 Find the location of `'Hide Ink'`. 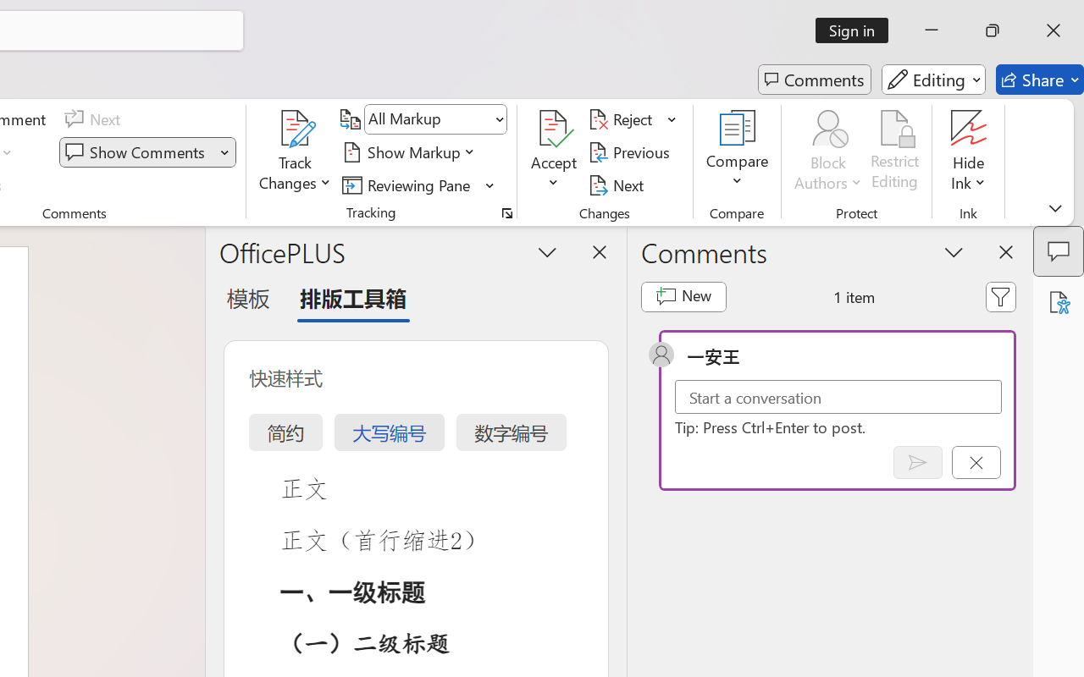

'Hide Ink' is located at coordinates (969, 128).